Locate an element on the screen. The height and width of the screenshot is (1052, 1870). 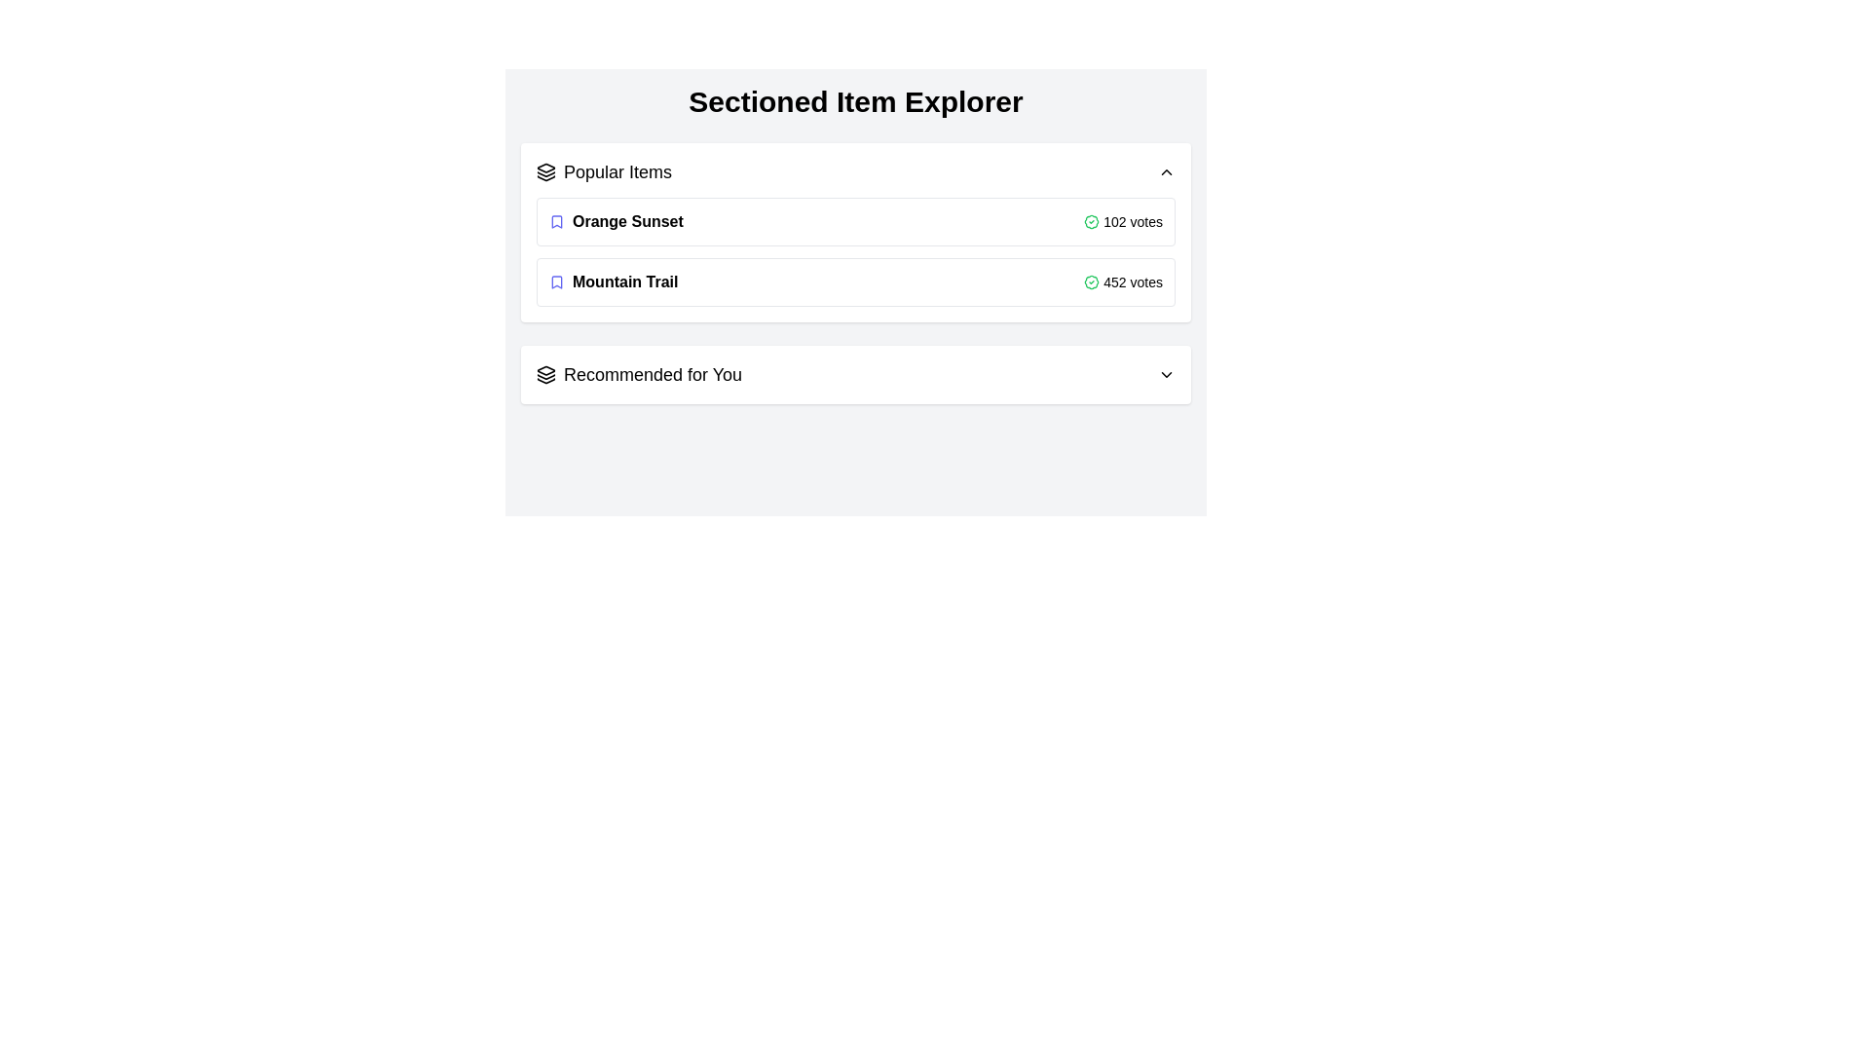
the Decorative icon that enhances the visual identity of the 'Popular Items' section label, located near the top of the interface is located at coordinates (545, 167).